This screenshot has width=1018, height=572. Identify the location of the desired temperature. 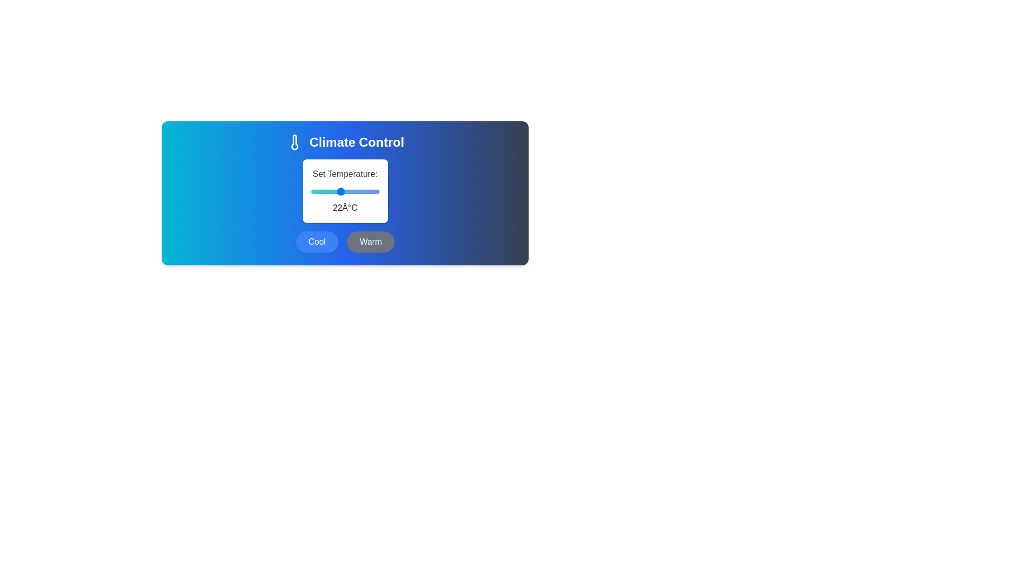
(345, 192).